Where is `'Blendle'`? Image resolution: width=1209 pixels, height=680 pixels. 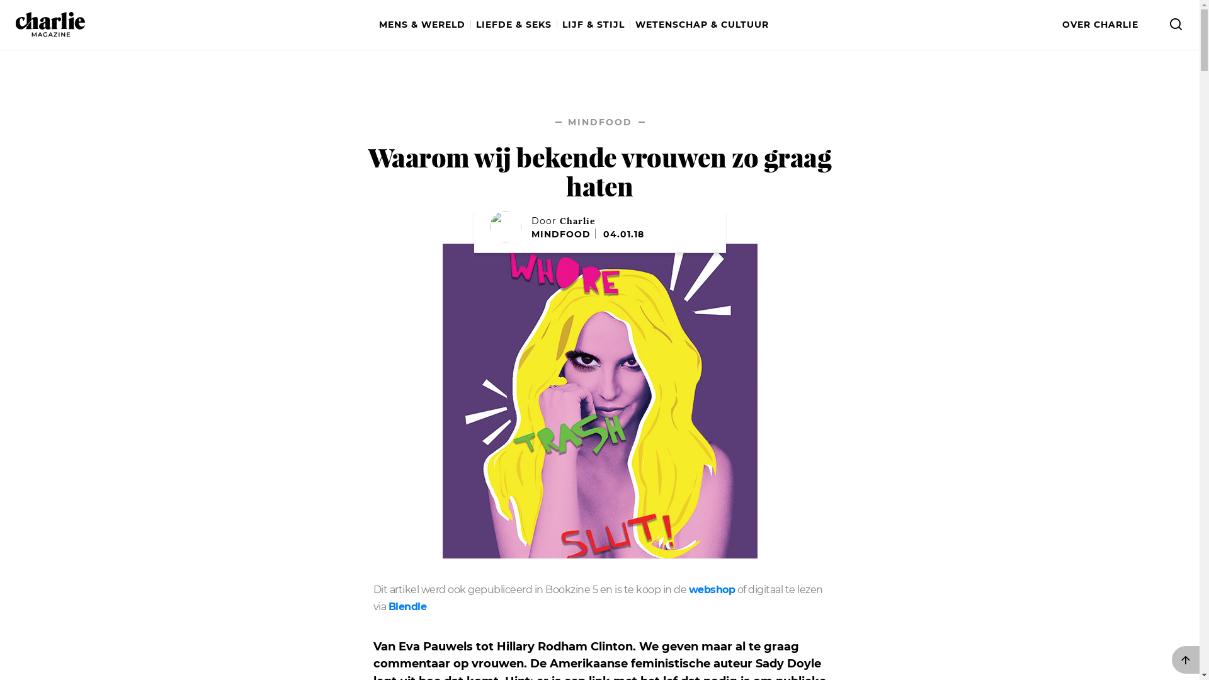 'Blendle' is located at coordinates (387, 606).